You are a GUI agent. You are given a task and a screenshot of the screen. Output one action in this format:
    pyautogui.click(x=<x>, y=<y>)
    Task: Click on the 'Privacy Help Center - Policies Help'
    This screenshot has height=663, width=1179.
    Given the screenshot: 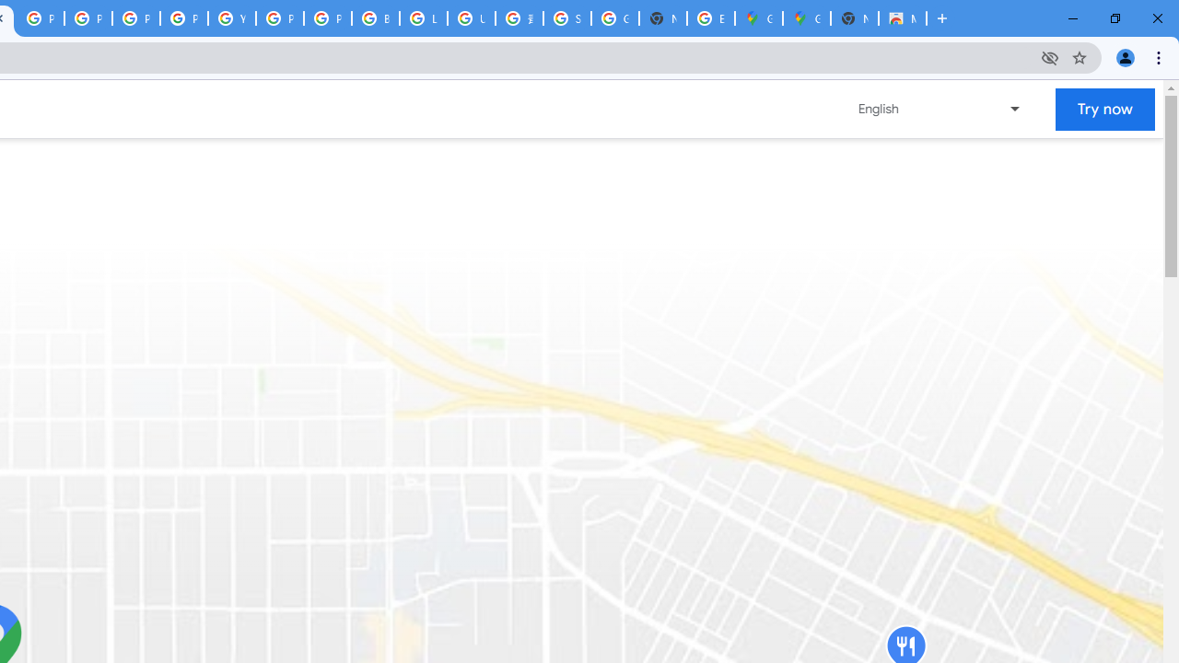 What is the action you would take?
    pyautogui.click(x=88, y=18)
    